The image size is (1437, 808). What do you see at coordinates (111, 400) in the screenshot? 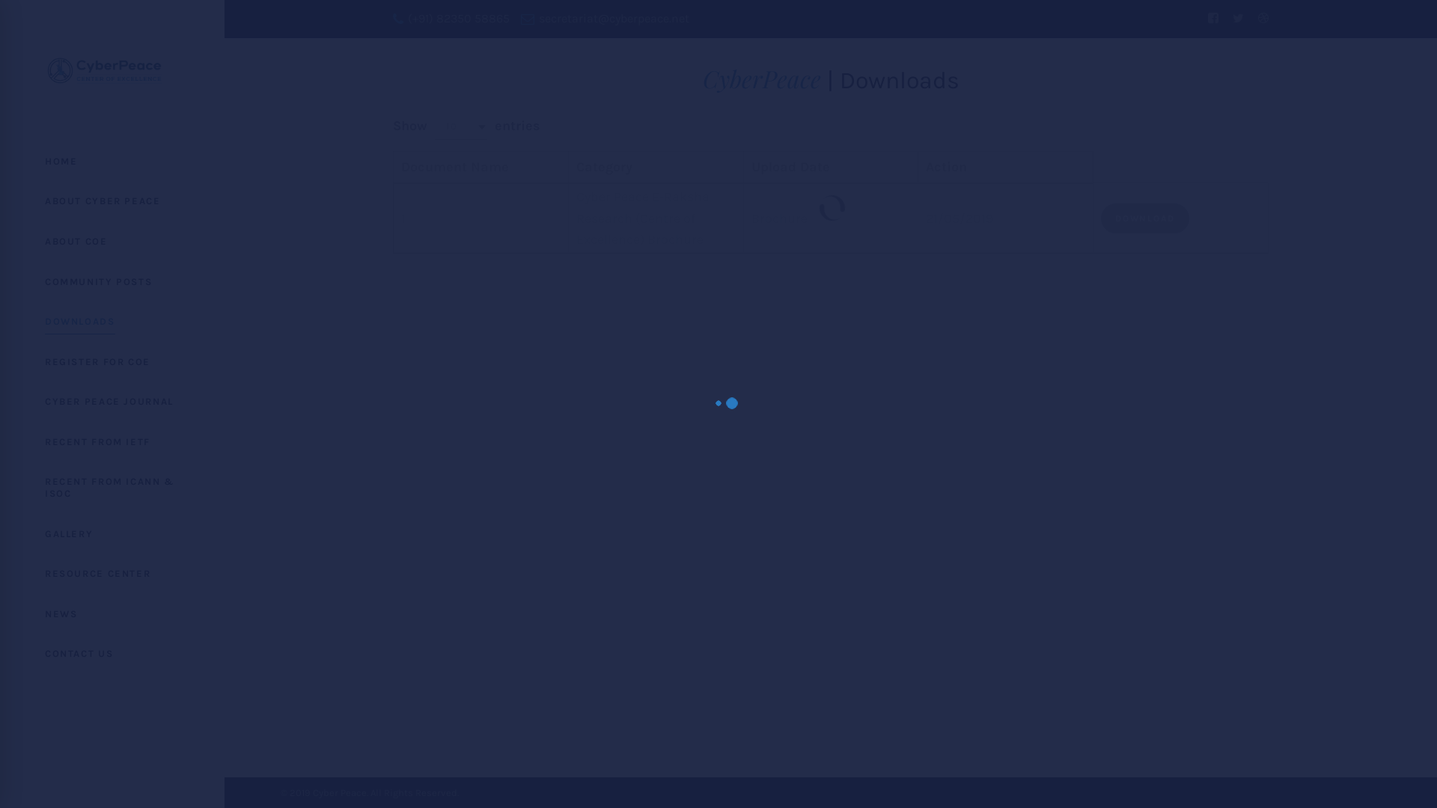
I see `'CYBER PEACE JOURNAL'` at bounding box center [111, 400].